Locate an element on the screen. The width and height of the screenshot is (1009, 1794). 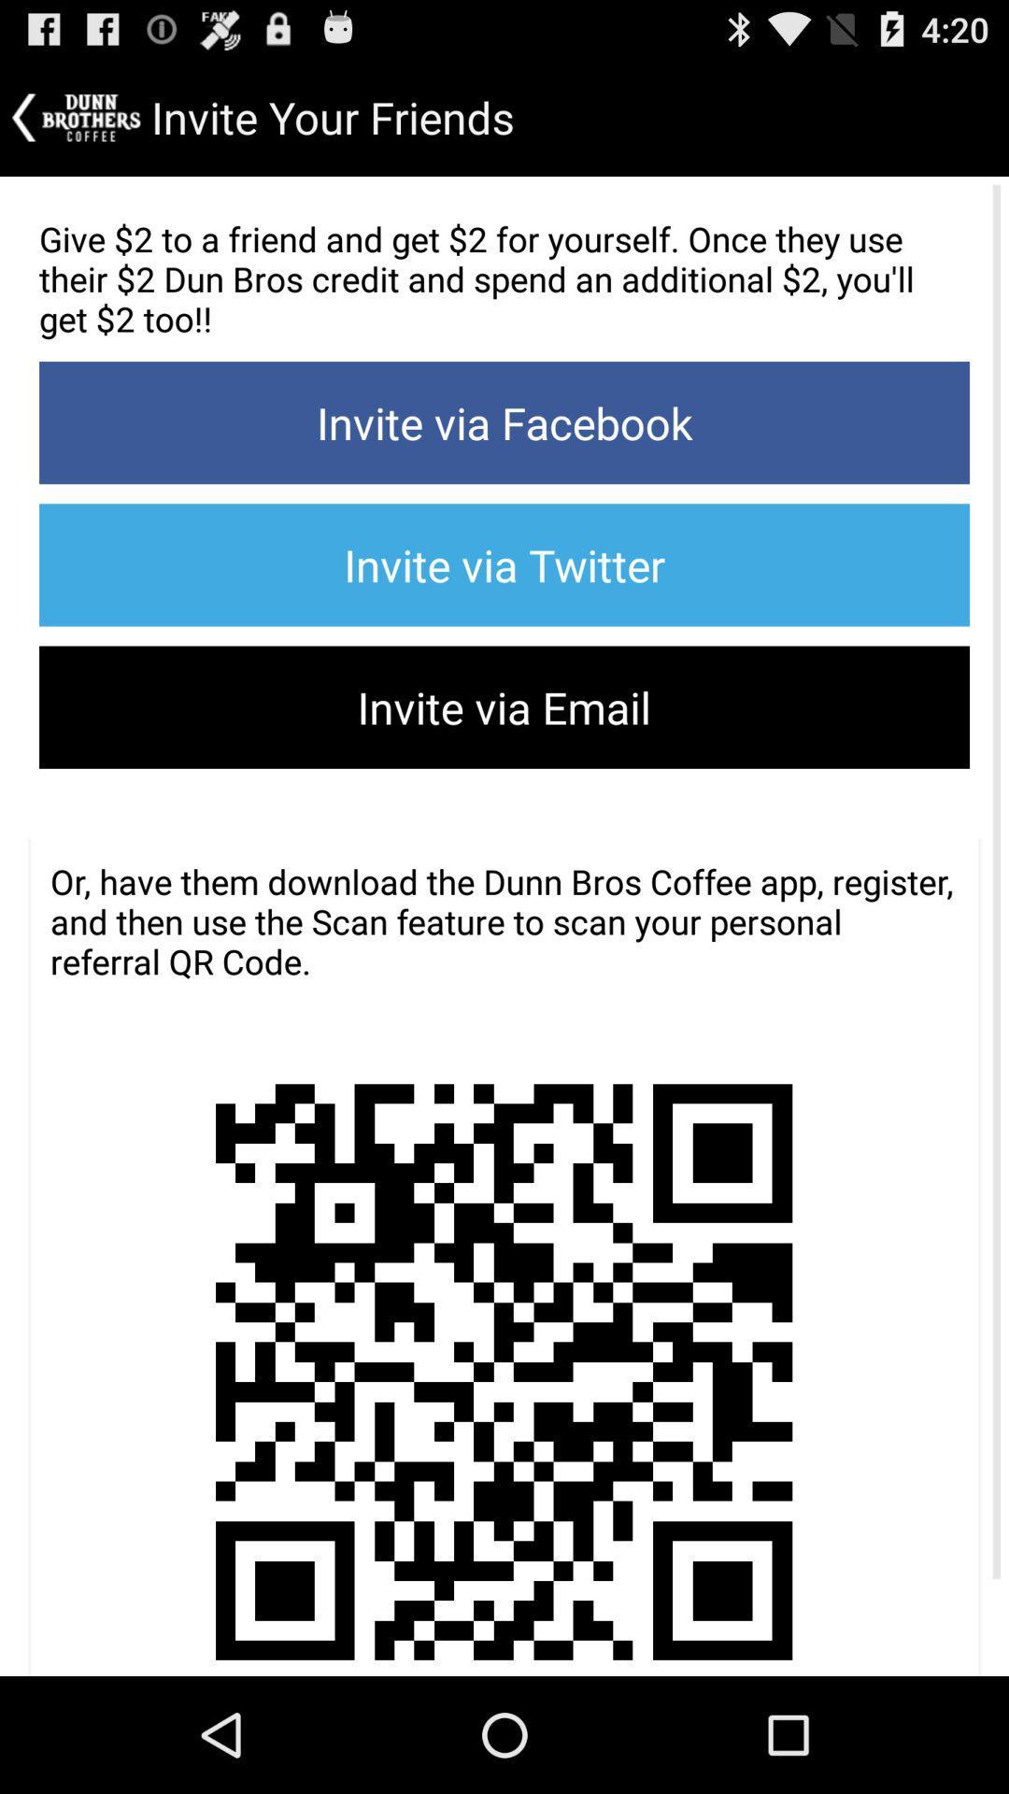
the item at the bottom is located at coordinates (503, 1339).